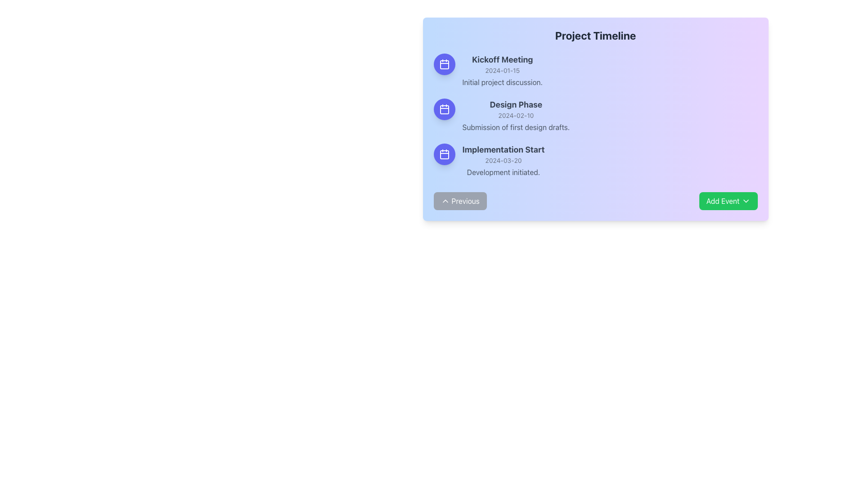 The image size is (864, 486). I want to click on the Timeline item element titled 'Design Phase', so click(595, 115).